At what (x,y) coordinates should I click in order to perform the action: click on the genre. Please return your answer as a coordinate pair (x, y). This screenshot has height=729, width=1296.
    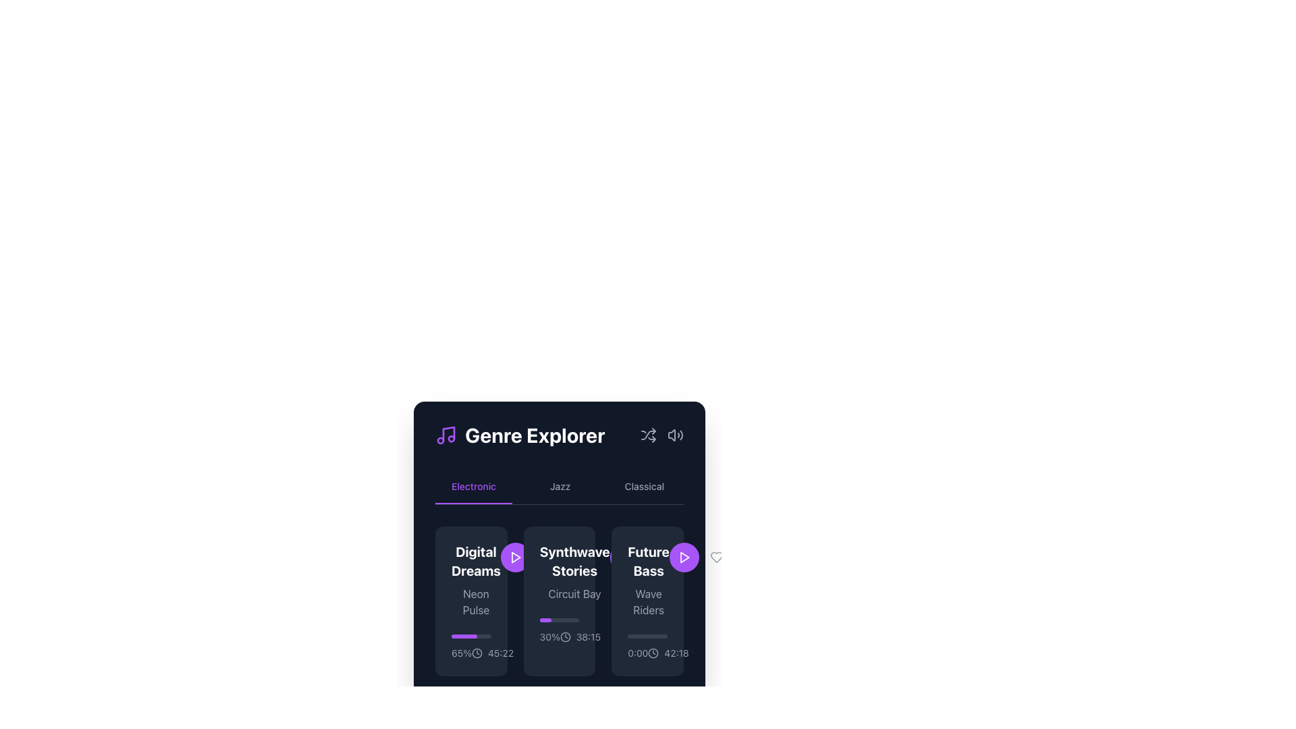
    Looking at the image, I should click on (649, 580).